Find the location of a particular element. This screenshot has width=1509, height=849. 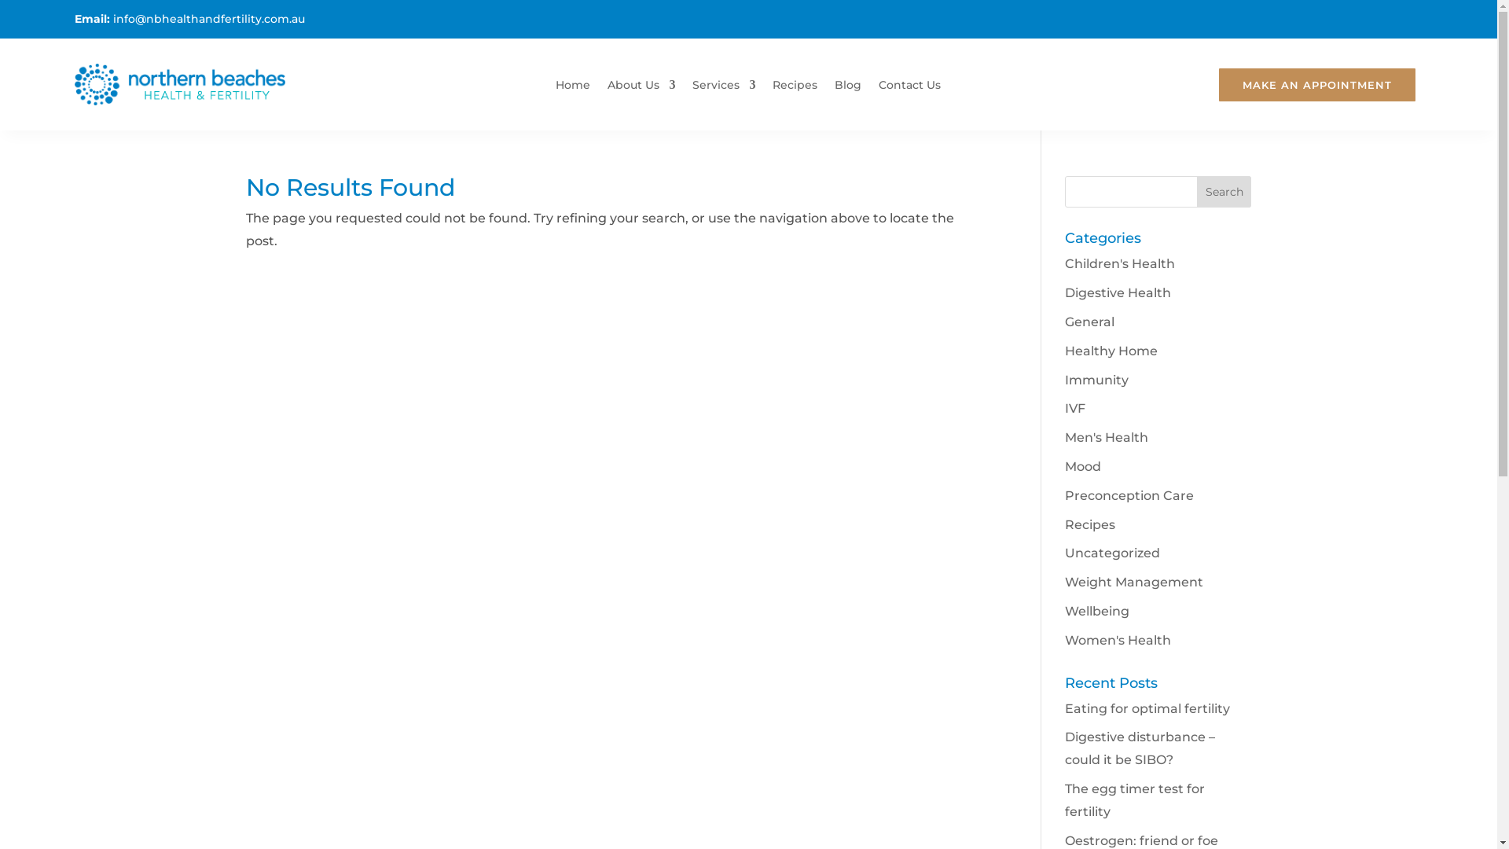

'Home' is located at coordinates (572, 87).